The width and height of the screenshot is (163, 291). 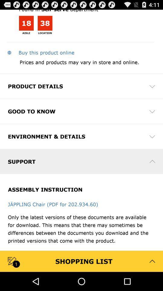 I want to click on buy this product, so click(x=40, y=52).